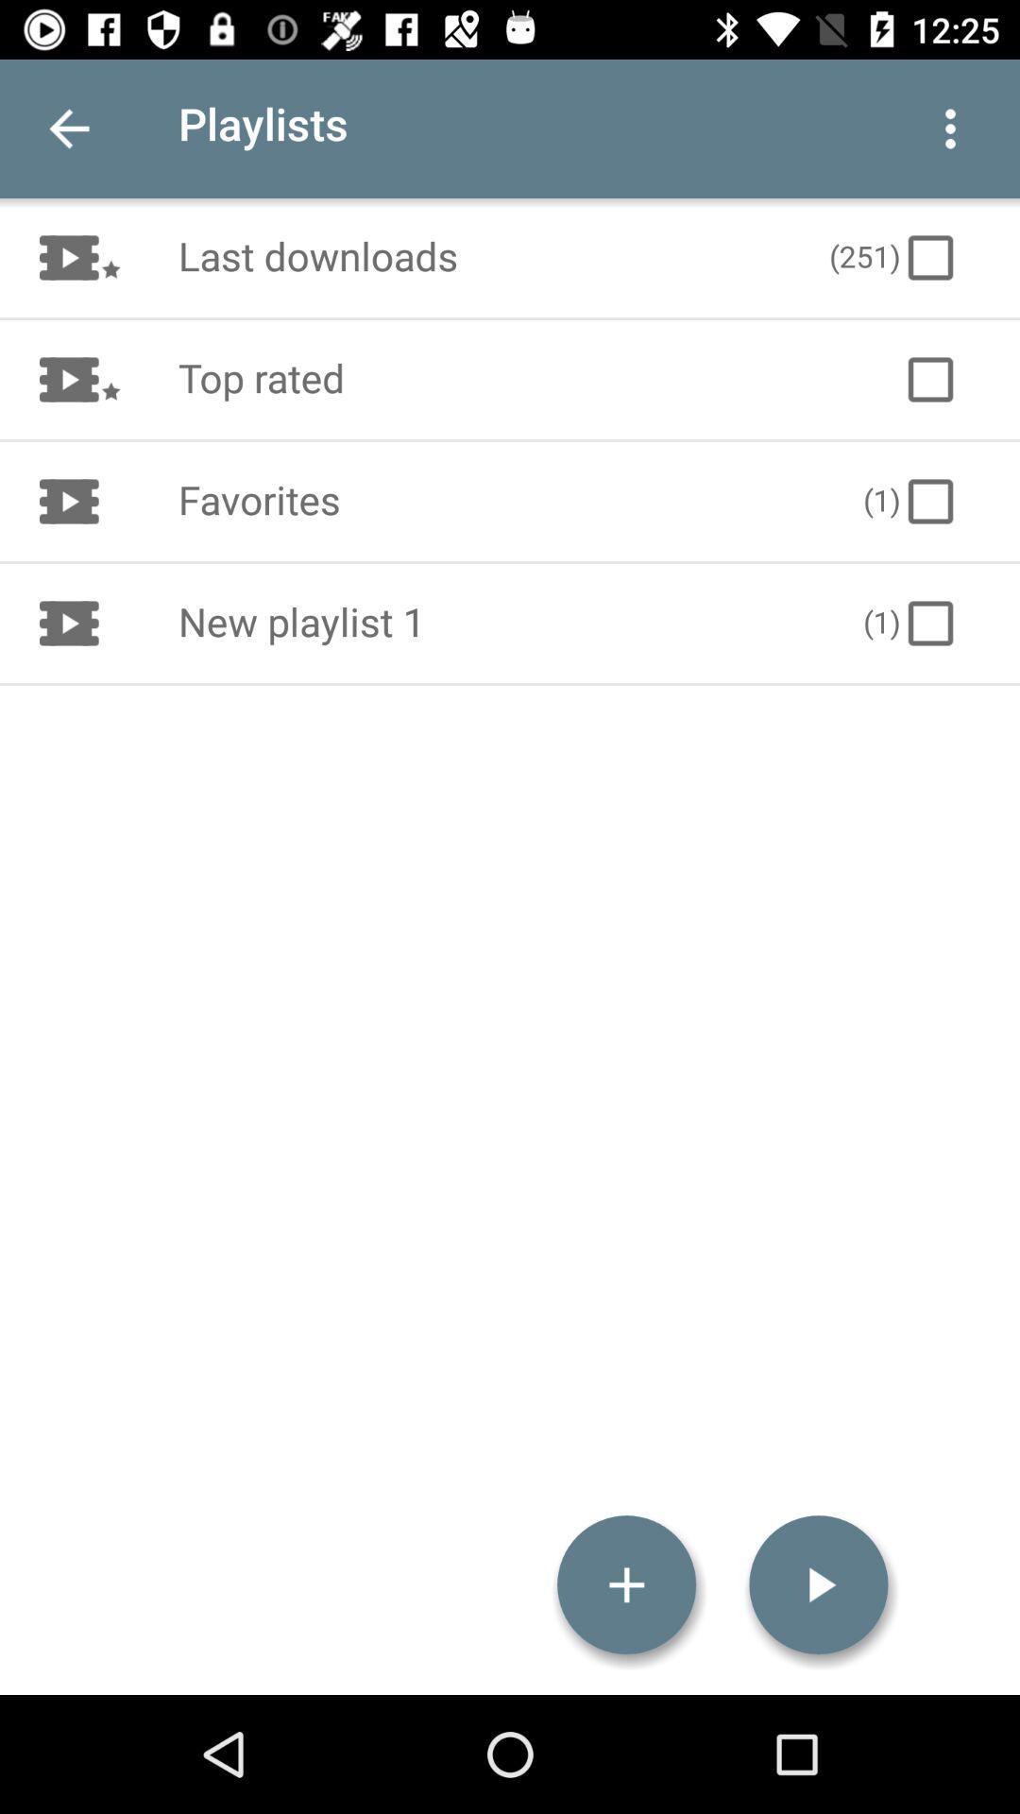 The width and height of the screenshot is (1020, 1814). I want to click on item to the left of the (1) icon, so click(500, 624).